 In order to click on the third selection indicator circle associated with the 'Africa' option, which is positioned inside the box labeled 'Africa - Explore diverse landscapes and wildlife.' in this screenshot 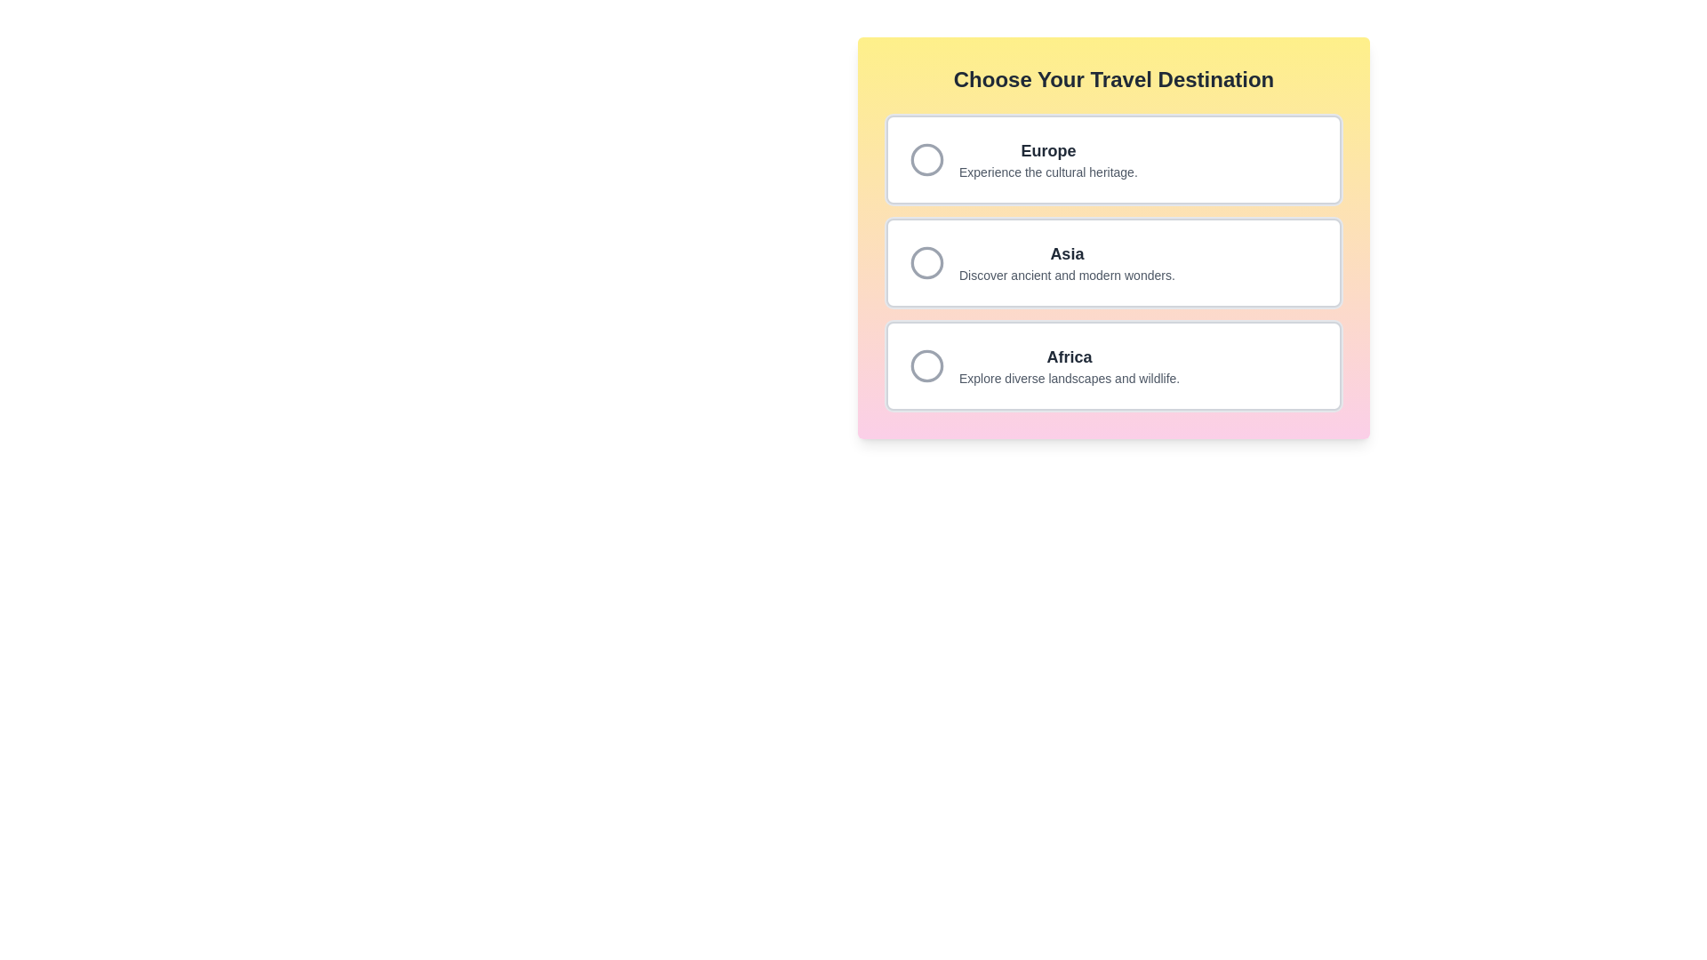, I will do `click(926, 365)`.